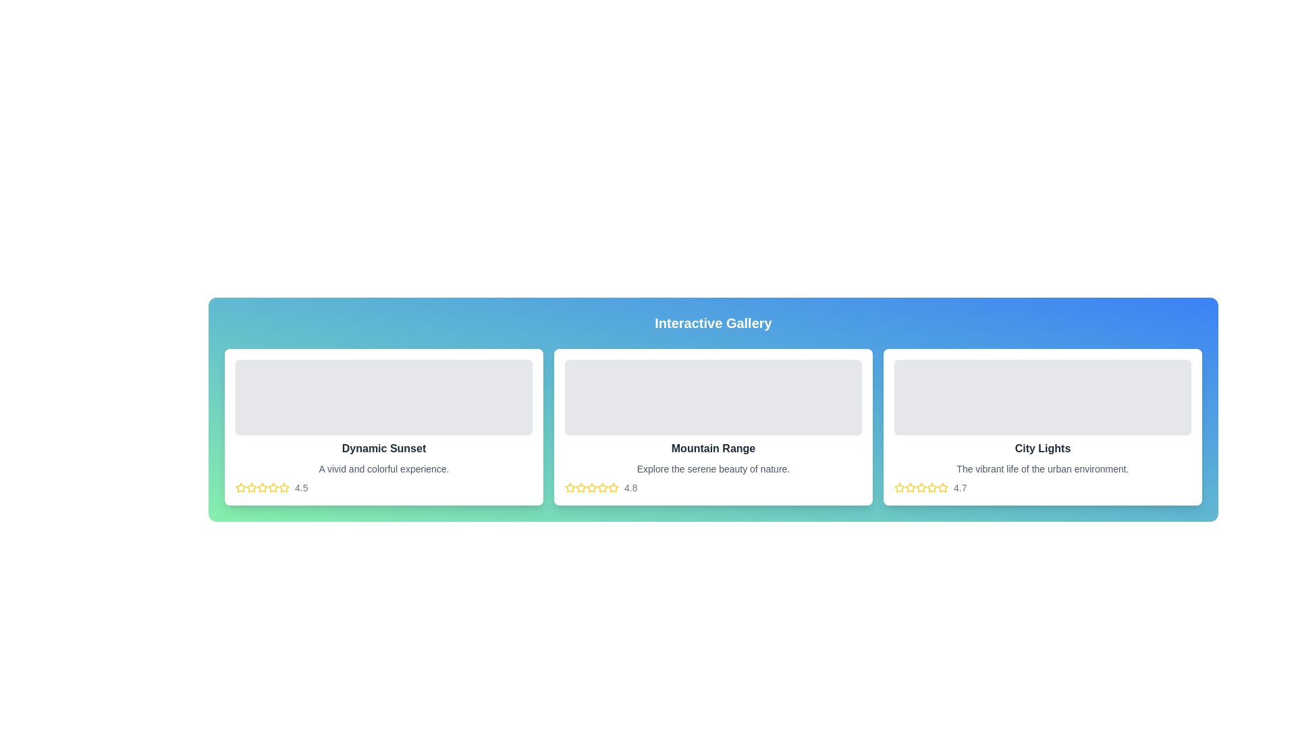 The width and height of the screenshot is (1296, 729). Describe the element at coordinates (630, 487) in the screenshot. I see `the text label displaying the value '4.8' in gray color, which is part of the rating interface located below the 'Mountain Range' section and adjacent to golden star icons` at that location.